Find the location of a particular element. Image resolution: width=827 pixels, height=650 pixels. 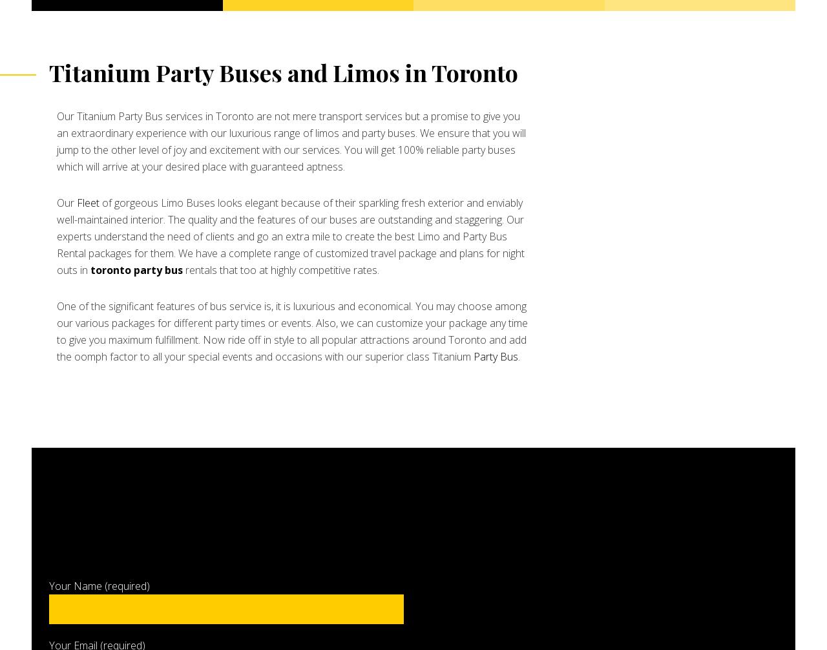

'One of the significant features of bus service is, it is luxurious and economical. You may choose among our various packages for different party times or events. Also, we can customize your package any time to give you maximum fulfillment. Now ride off in style to all popular attractions around Toronto and add the oomph factor to all your special events and occasions with our superior class Titanium' is located at coordinates (291, 331).